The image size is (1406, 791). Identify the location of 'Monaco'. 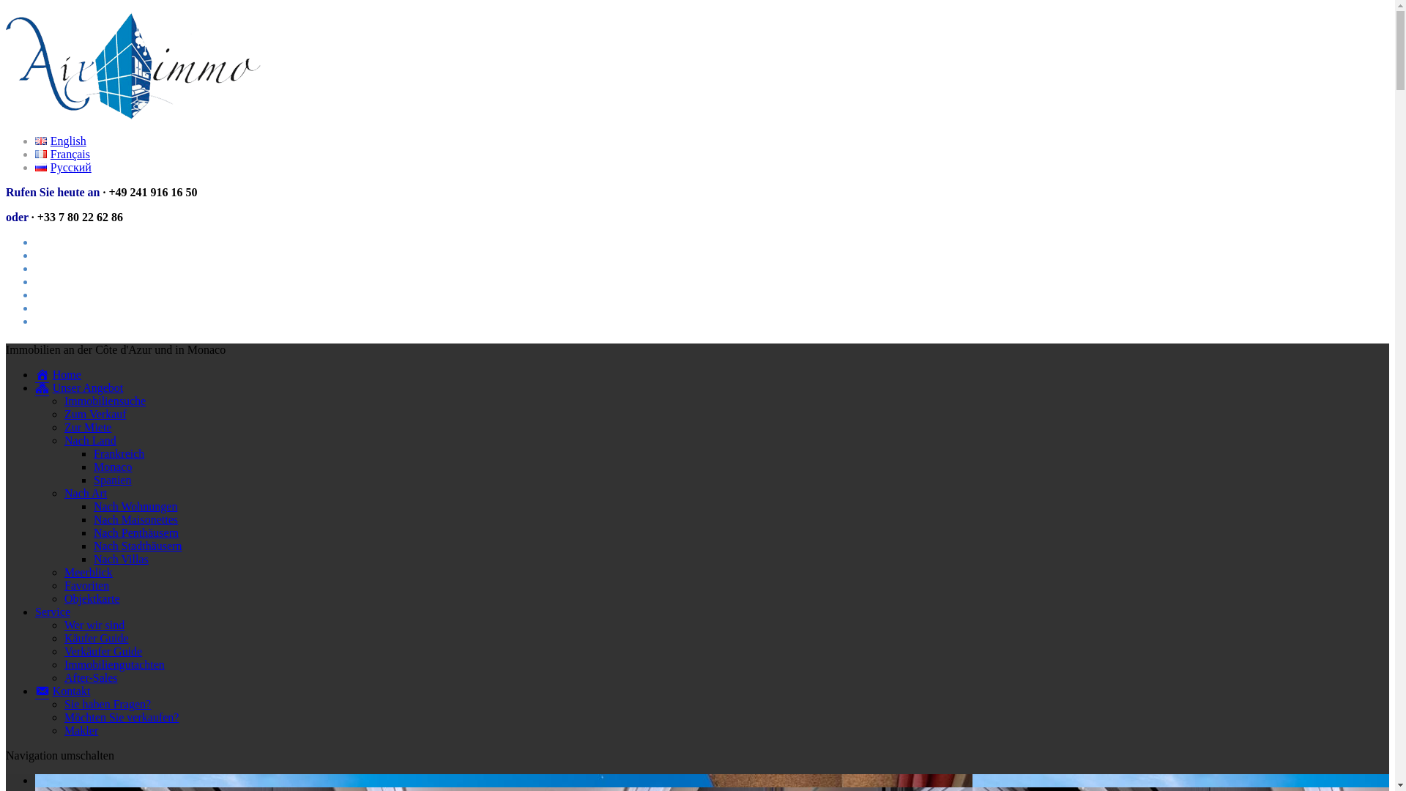
(93, 467).